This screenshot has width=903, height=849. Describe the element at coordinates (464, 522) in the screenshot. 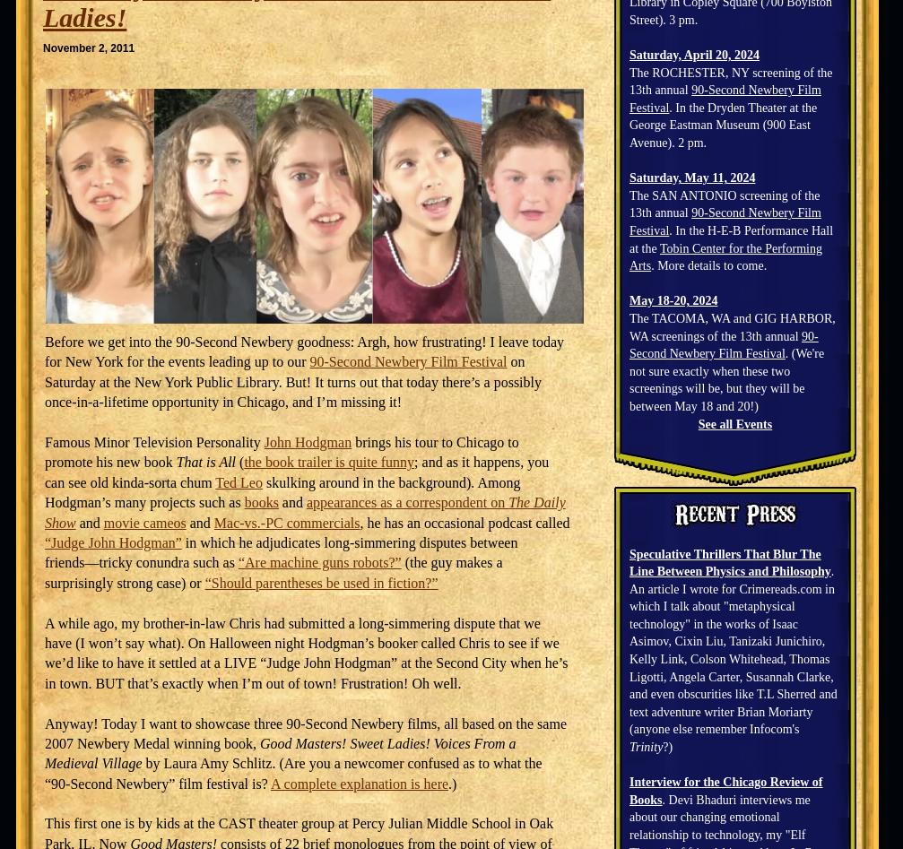

I see `', he has an occasional podcast called'` at that location.